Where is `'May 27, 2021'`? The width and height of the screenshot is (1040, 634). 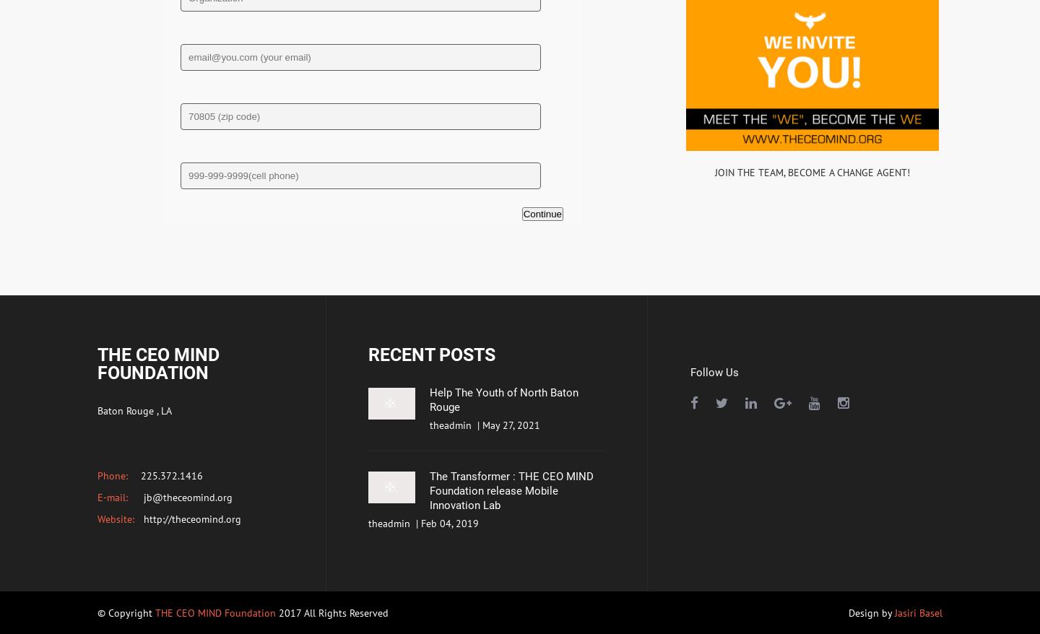 'May 27, 2021' is located at coordinates (511, 425).